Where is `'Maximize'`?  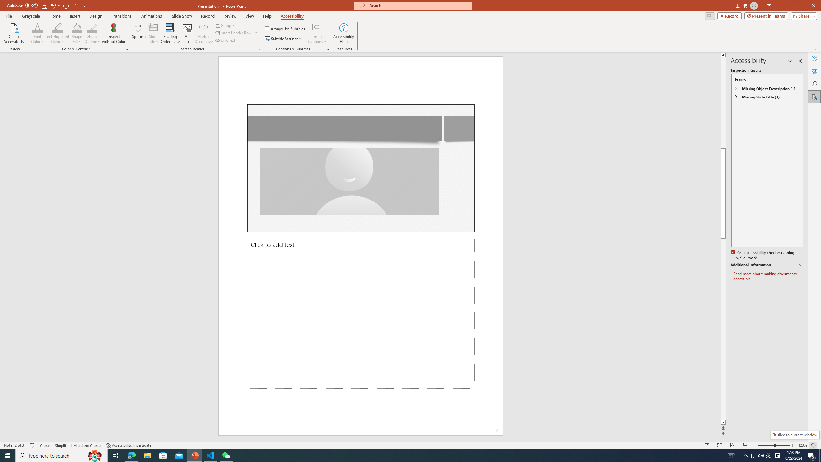
'Maximize' is located at coordinates (808, 6).